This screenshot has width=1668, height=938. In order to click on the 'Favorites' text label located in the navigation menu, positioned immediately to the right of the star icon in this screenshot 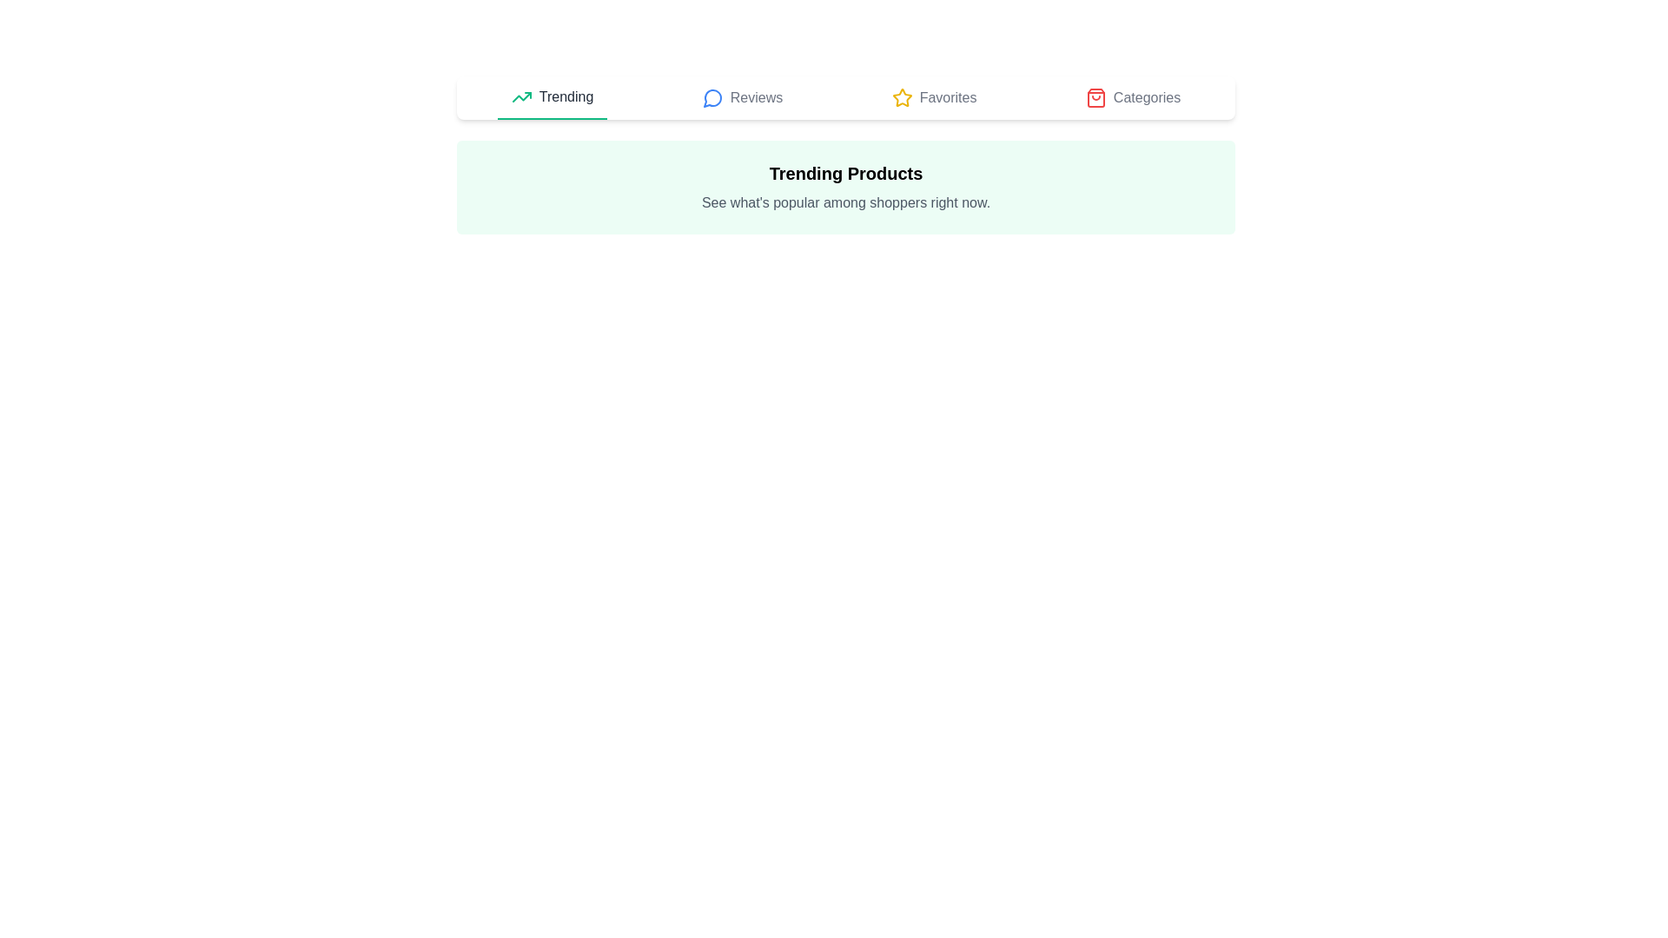, I will do `click(947, 97)`.